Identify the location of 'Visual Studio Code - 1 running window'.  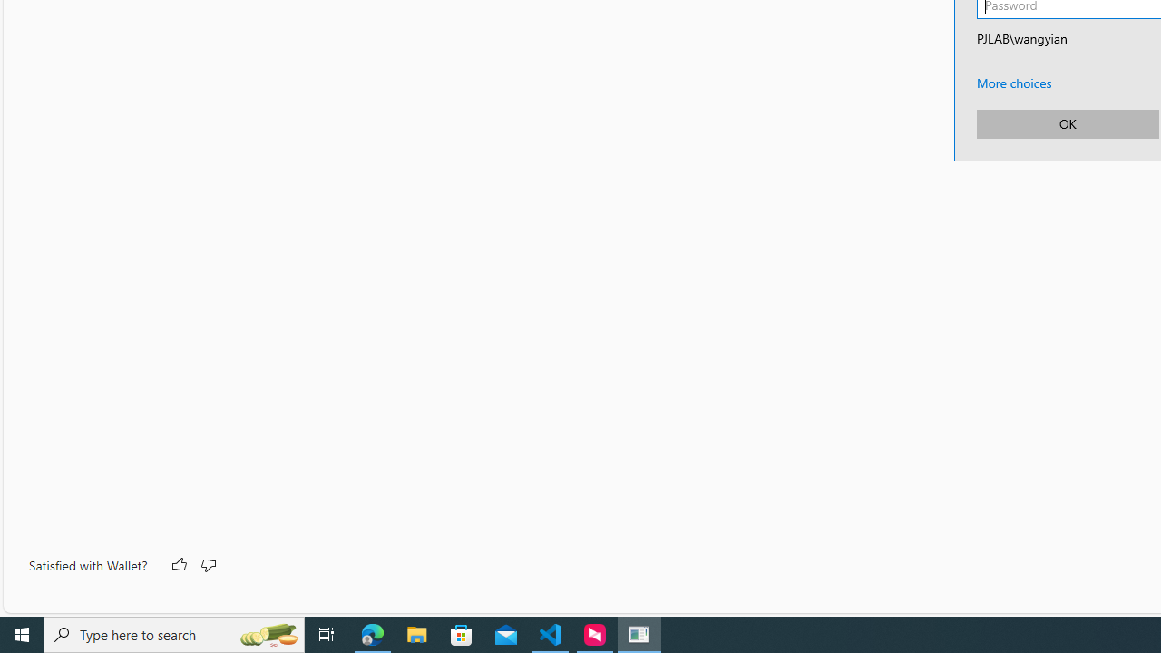
(550, 633).